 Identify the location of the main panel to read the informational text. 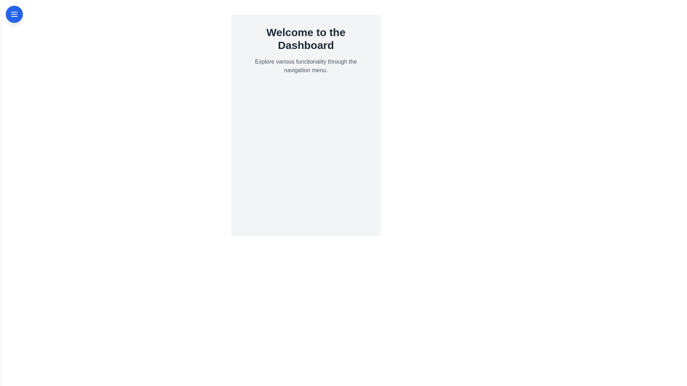
(306, 208).